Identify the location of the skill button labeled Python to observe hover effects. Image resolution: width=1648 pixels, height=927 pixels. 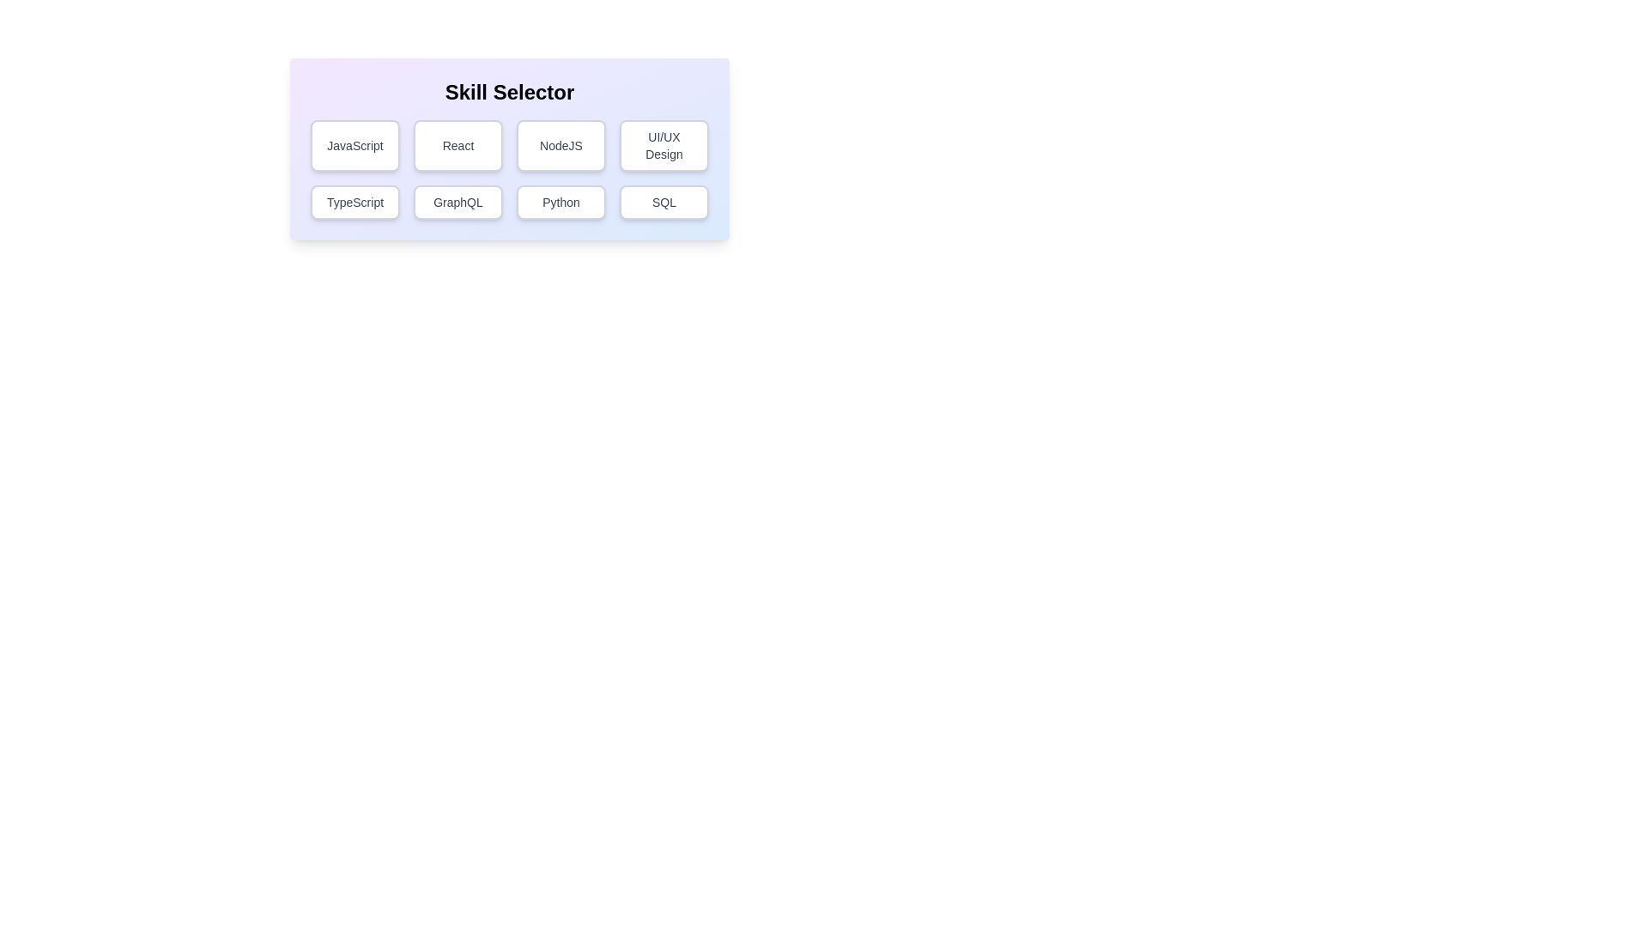
(560, 201).